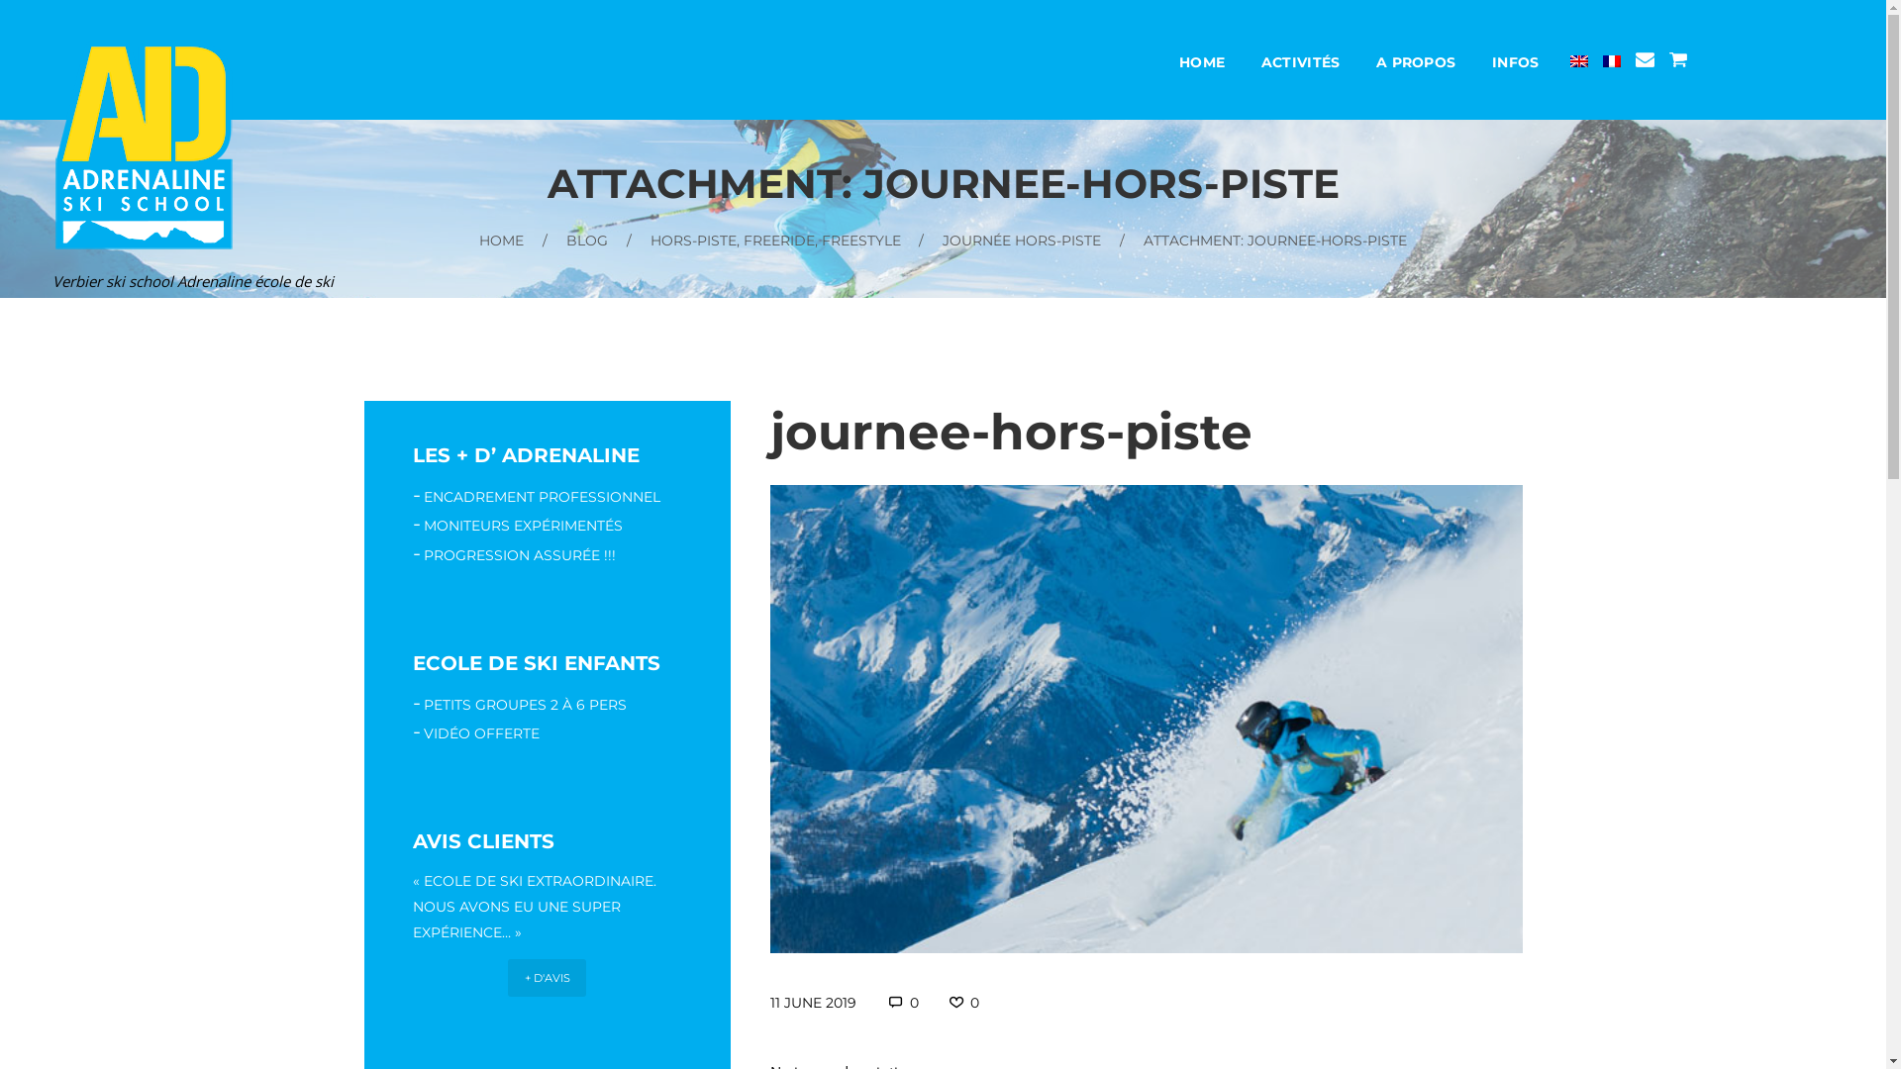 The width and height of the screenshot is (1901, 1069). I want to click on '0', so click(901, 1003).